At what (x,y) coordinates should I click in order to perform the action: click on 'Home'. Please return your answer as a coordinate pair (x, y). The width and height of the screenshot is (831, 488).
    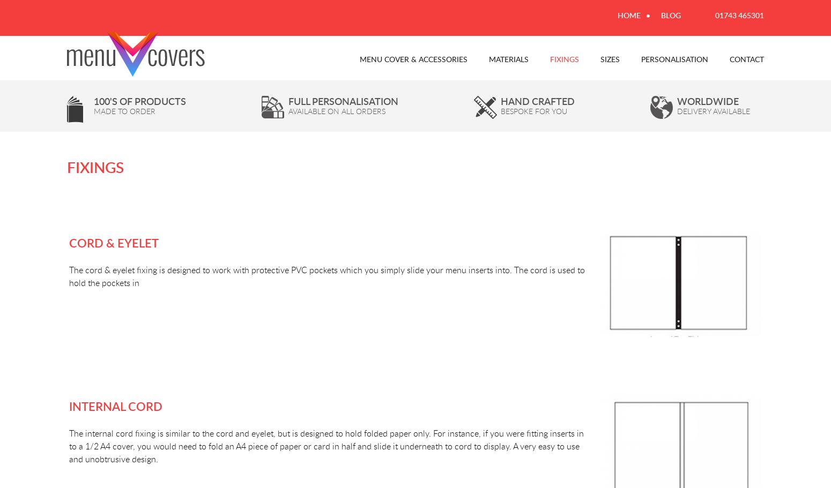
    Looking at the image, I should click on (629, 15).